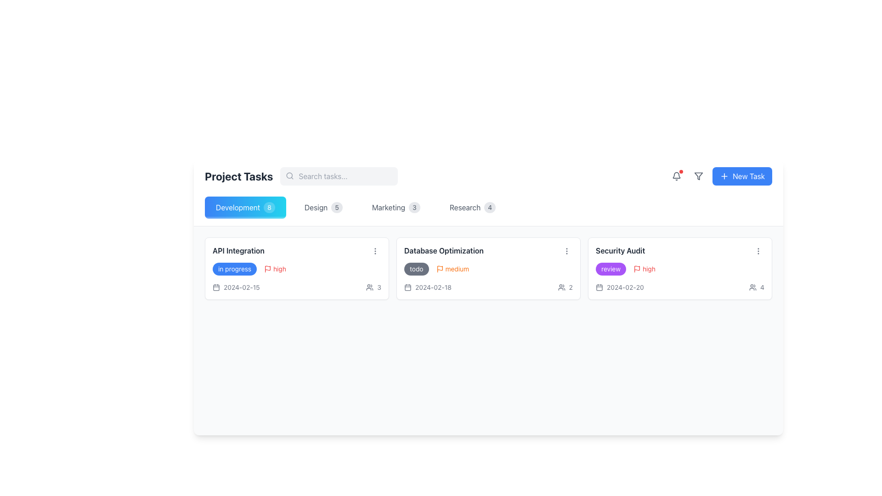  Describe the element at coordinates (489, 207) in the screenshot. I see `the Text label indicating the number of items associated with the 'Research' category, located to the immediate right of the 'Research' text label` at that location.